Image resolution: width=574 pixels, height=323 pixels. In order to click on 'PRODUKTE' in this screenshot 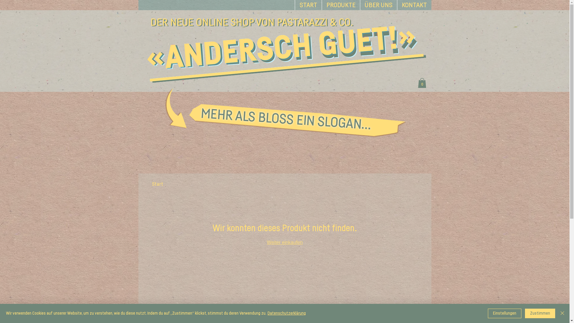, I will do `click(341, 5)`.